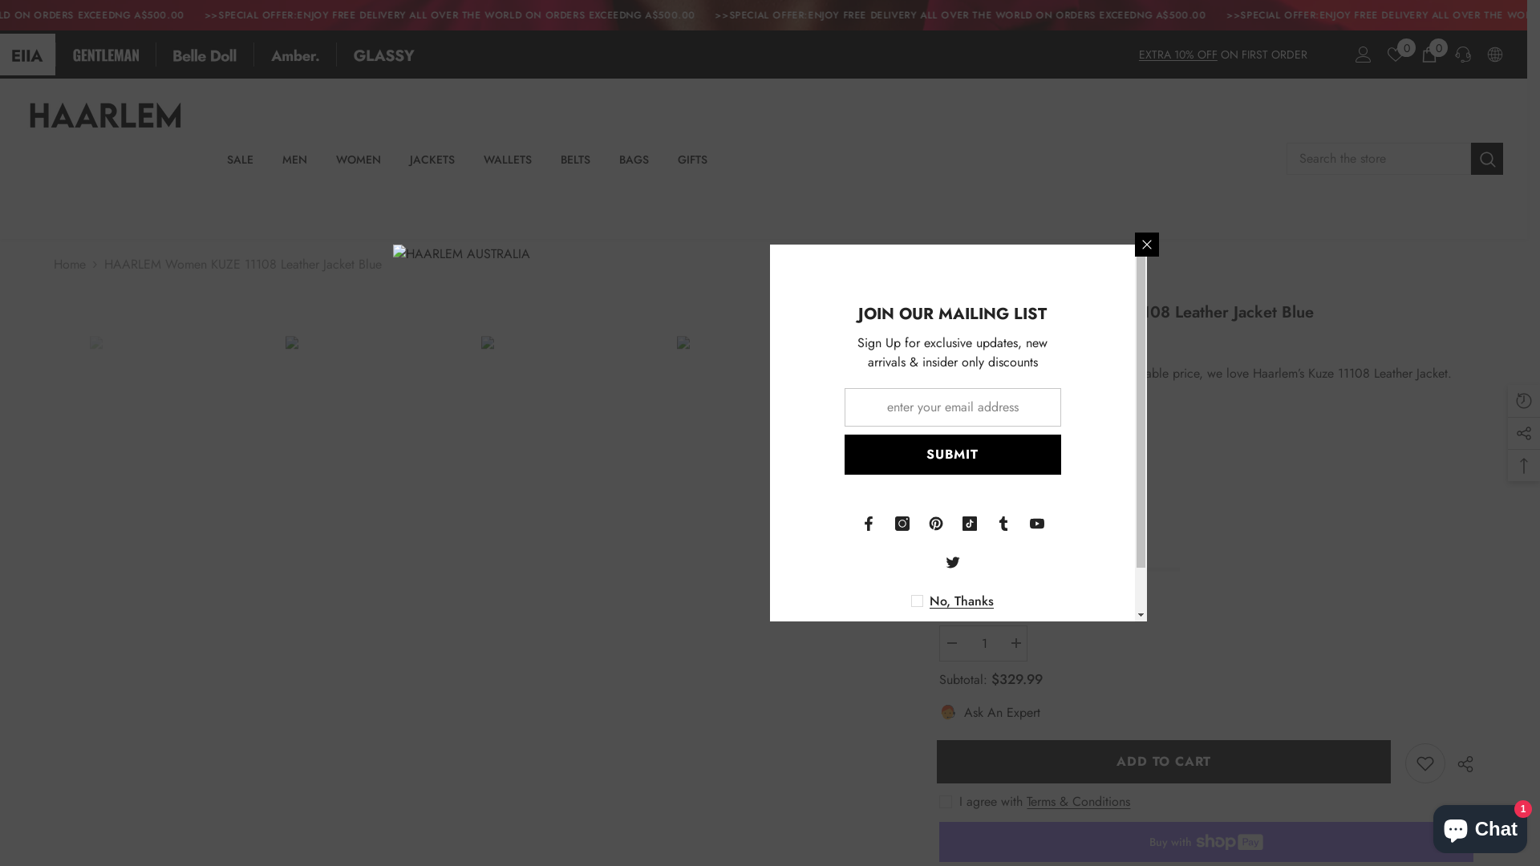 Image resolution: width=1540 pixels, height=866 pixels. What do you see at coordinates (1166, 760) in the screenshot?
I see `'ADD TO CART'` at bounding box center [1166, 760].